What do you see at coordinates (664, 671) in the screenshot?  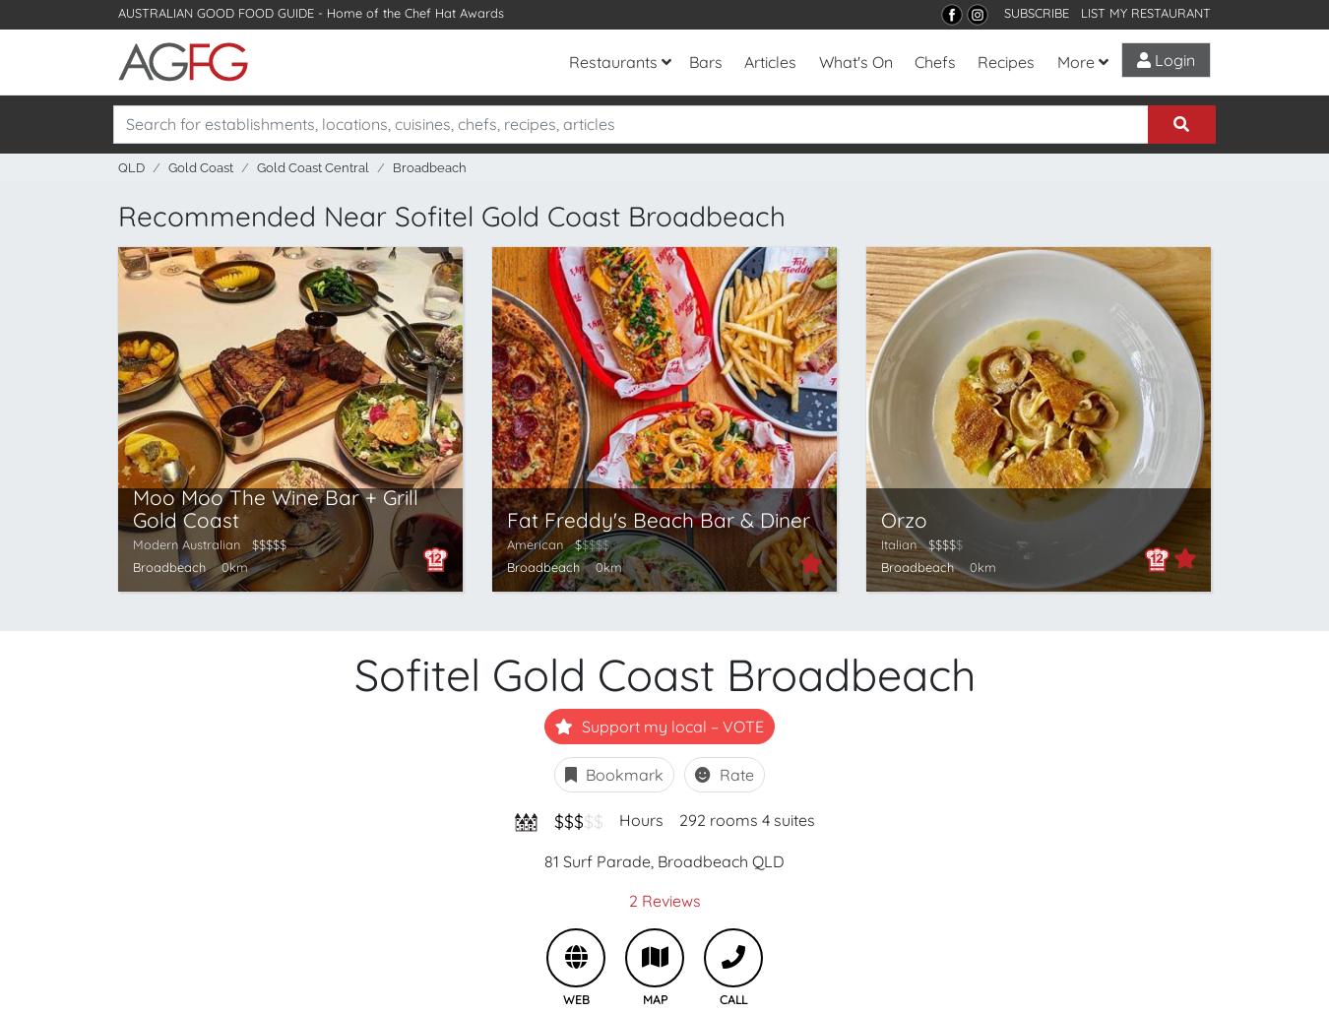 I see `'Sofitel Gold Coast Broadbeach'` at bounding box center [664, 671].